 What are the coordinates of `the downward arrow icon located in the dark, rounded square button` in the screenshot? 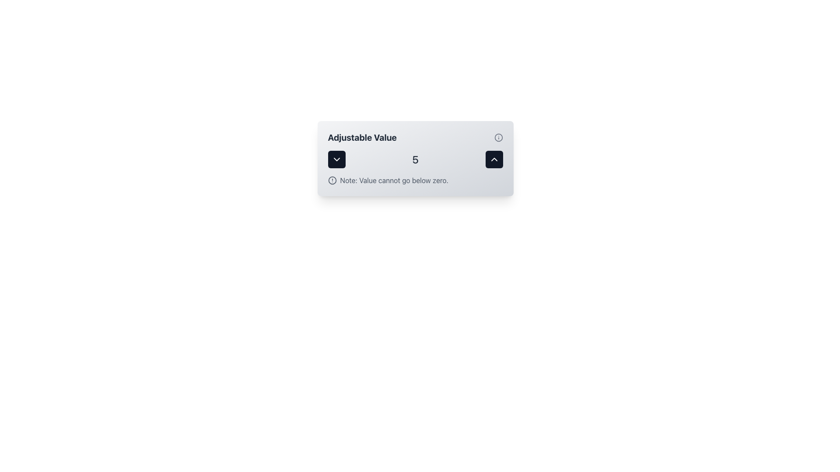 It's located at (336, 160).